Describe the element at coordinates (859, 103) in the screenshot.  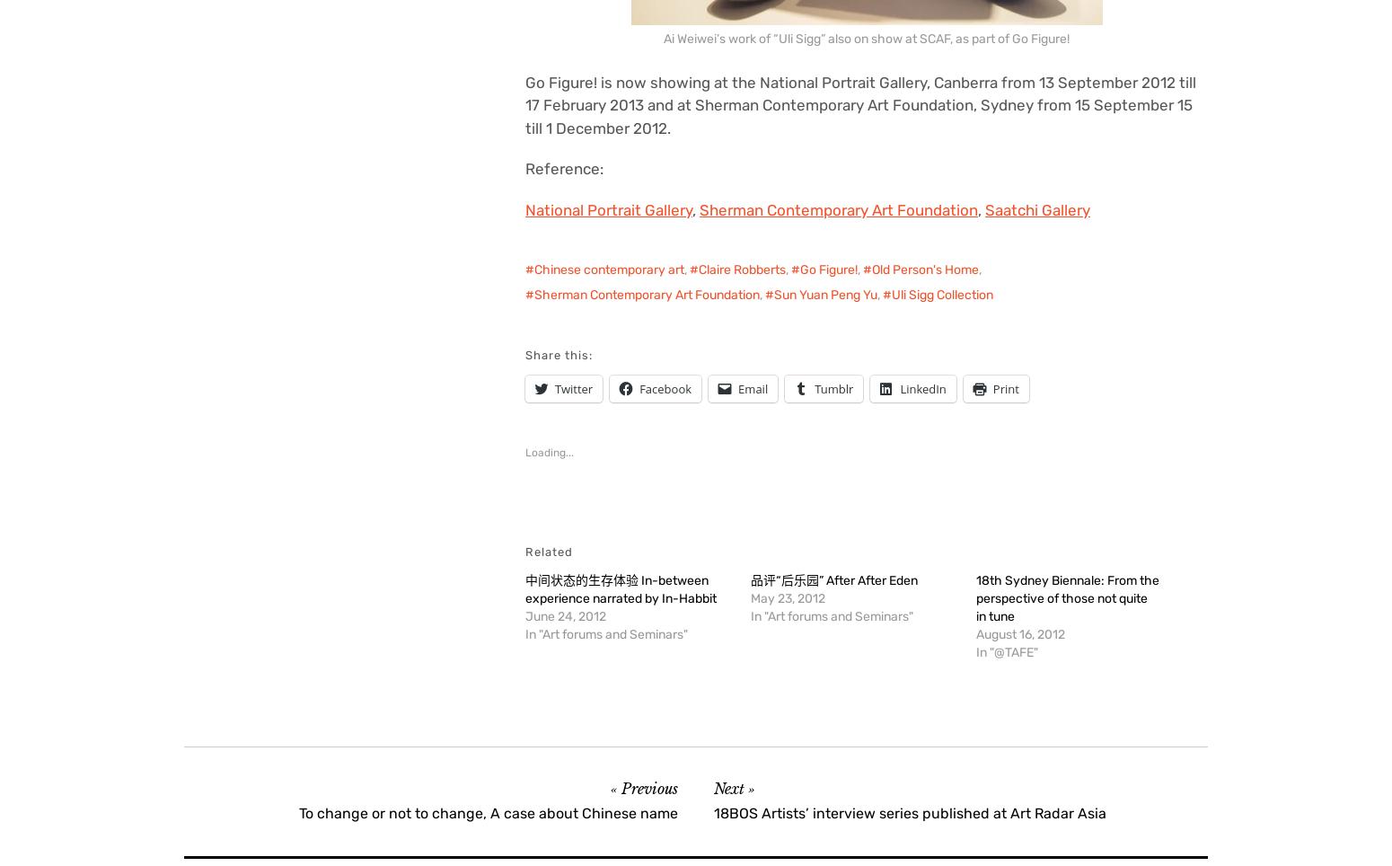
I see `'Go Figure! is now showing at the National Portrait Gallery, Canberra from 13 September 2012 till 17 February 2013 and at Sherman Contemporary Art Foundation, Sydney from 15 September 15 till 1 December 2012.'` at that location.